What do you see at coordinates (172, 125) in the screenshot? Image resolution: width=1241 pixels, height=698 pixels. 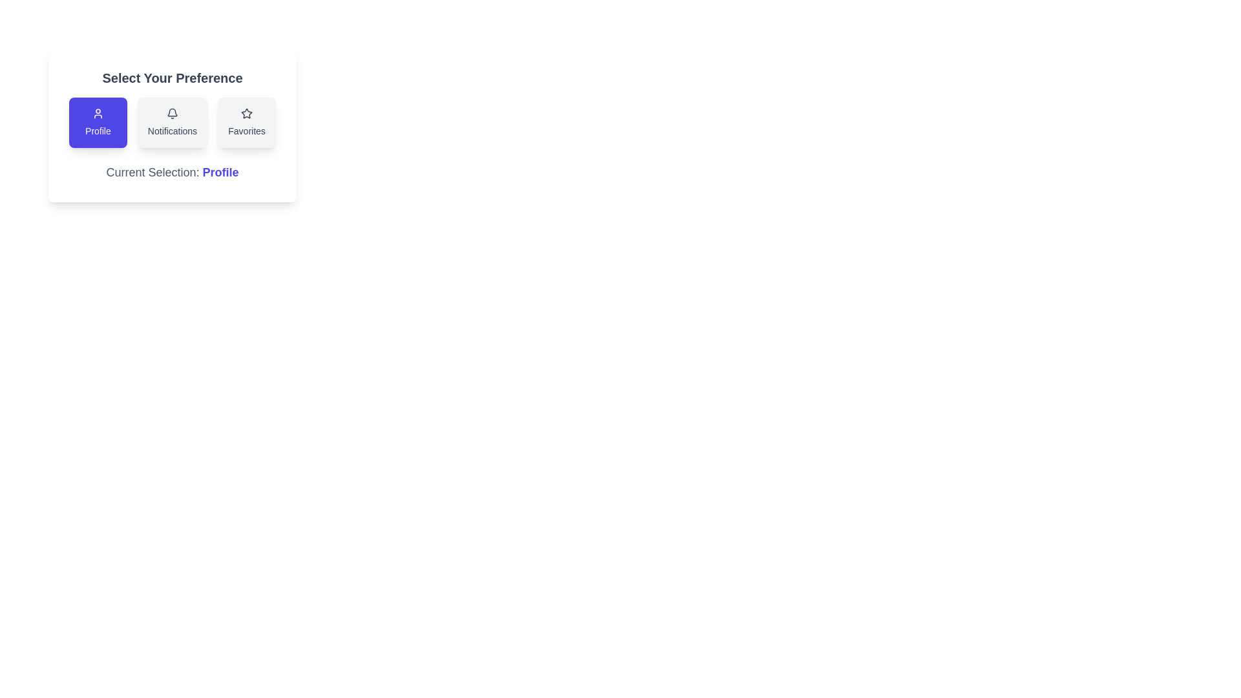 I see `the 'Notifications' button, which is the second button in a horizontal group of three buttons located centrally within the component's area` at bounding box center [172, 125].